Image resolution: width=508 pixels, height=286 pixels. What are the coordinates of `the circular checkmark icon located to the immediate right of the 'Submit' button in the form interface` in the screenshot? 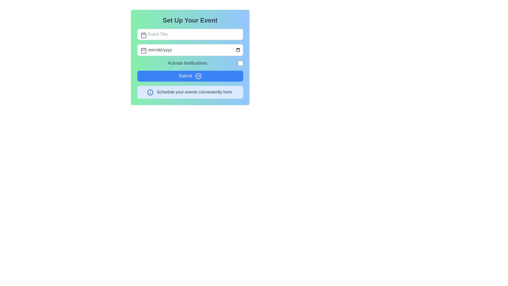 It's located at (198, 76).